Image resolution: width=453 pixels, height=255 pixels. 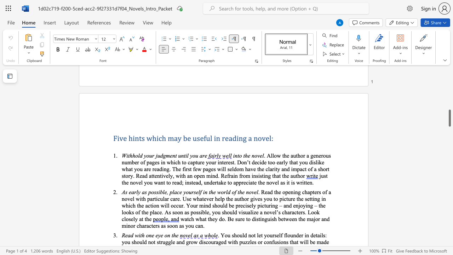 What do you see at coordinates (238, 155) in the screenshot?
I see `the 1th character "t" in the text` at bounding box center [238, 155].